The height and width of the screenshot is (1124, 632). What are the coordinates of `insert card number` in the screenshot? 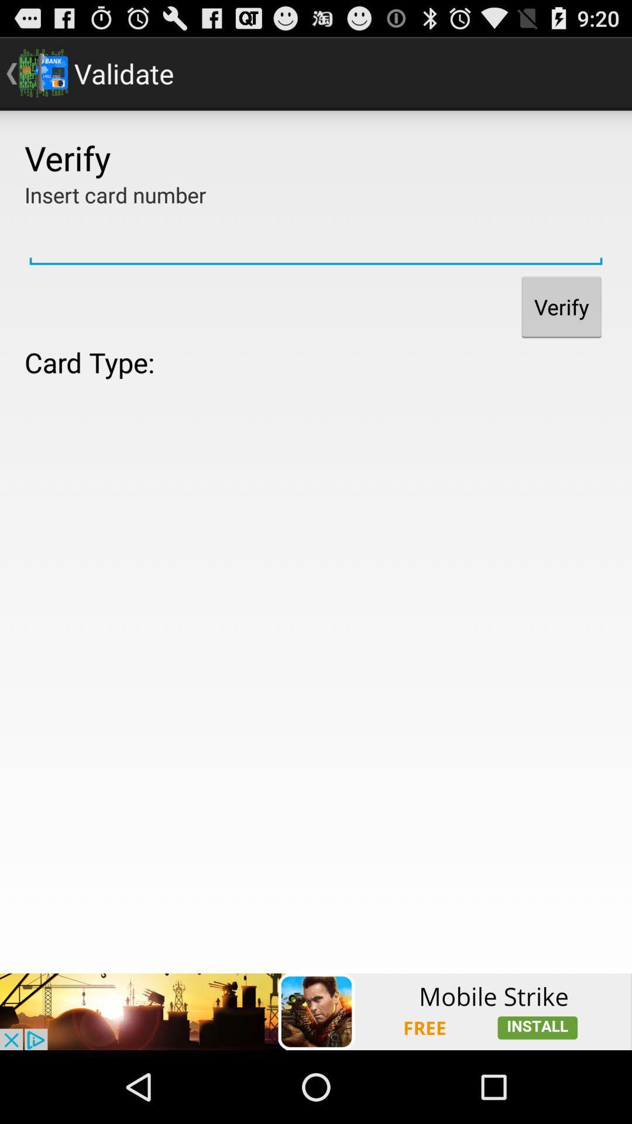 It's located at (316, 239).